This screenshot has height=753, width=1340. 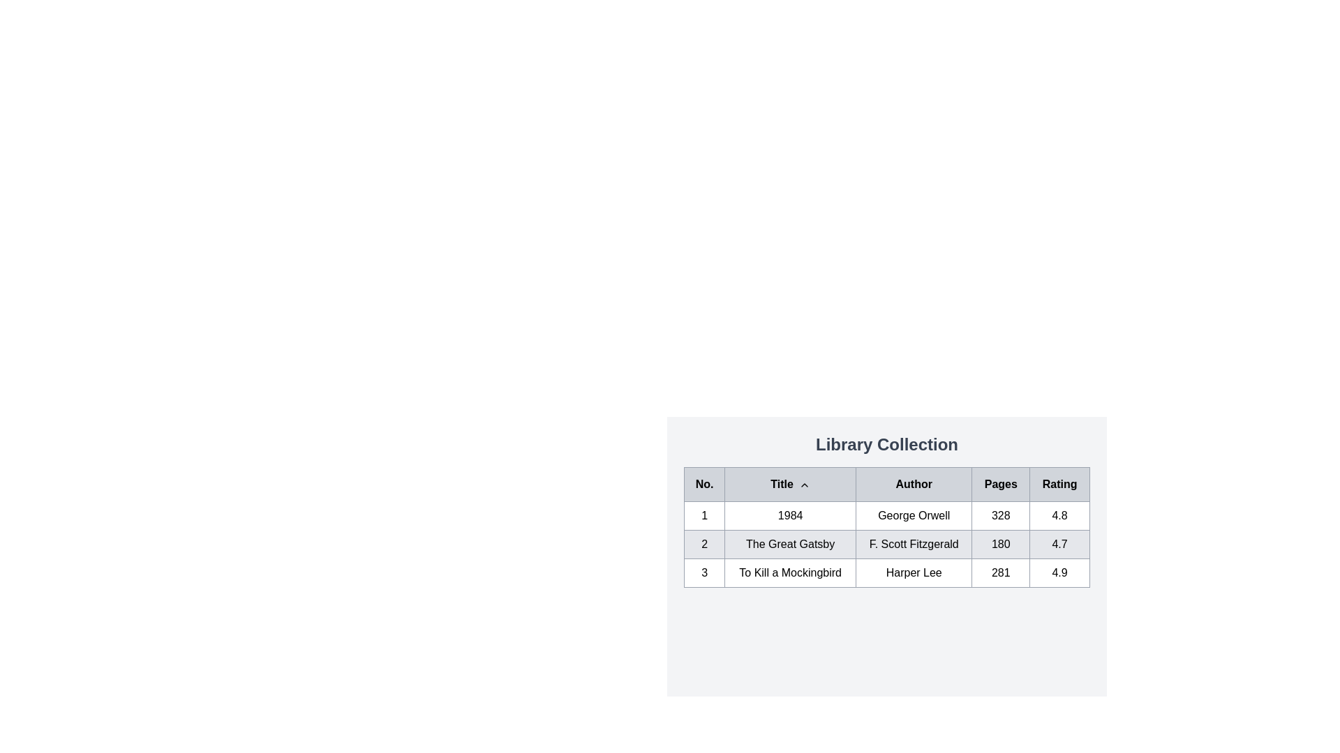 I want to click on the first row of the table displaying details for the book '1984' by George Orwell, so click(x=886, y=516).